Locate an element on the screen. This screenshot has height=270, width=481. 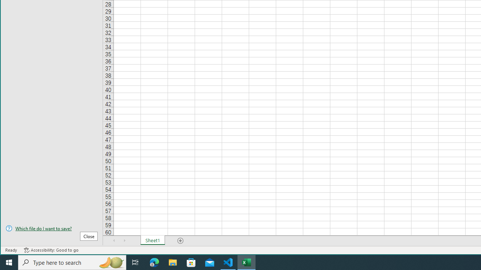
'Task View' is located at coordinates (135, 262).